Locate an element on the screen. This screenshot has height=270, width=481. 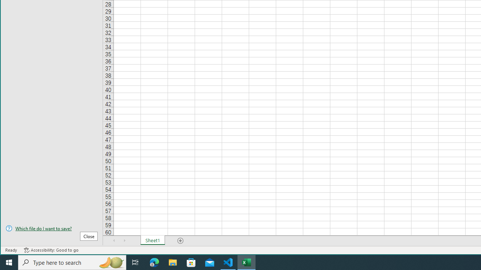
'Task View' is located at coordinates (135, 262).